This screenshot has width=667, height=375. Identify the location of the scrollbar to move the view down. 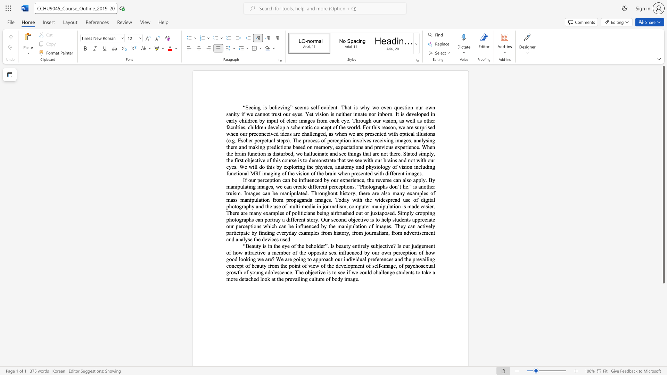
(663, 295).